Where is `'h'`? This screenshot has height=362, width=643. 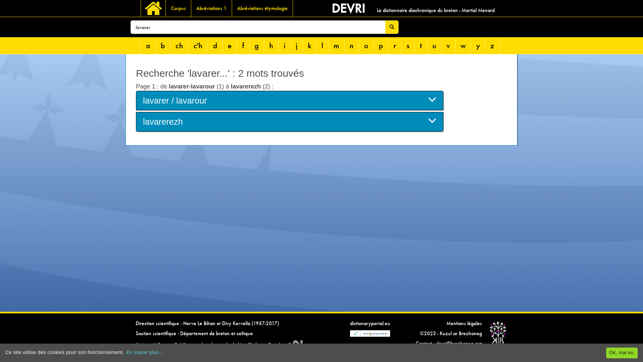 'h' is located at coordinates (264, 45).